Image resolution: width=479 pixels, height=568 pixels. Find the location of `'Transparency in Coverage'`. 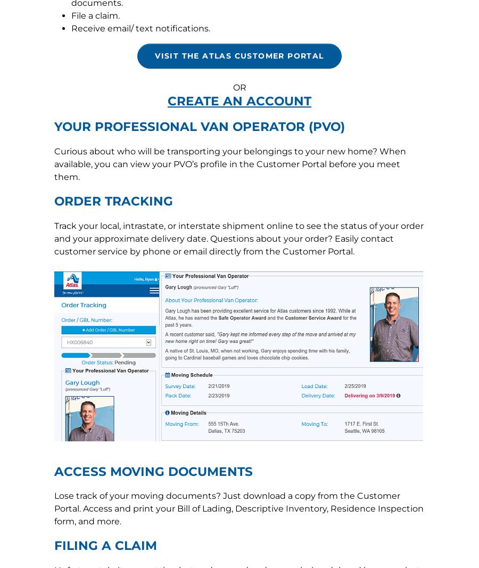

'Transparency in Coverage' is located at coordinates (276, 261).